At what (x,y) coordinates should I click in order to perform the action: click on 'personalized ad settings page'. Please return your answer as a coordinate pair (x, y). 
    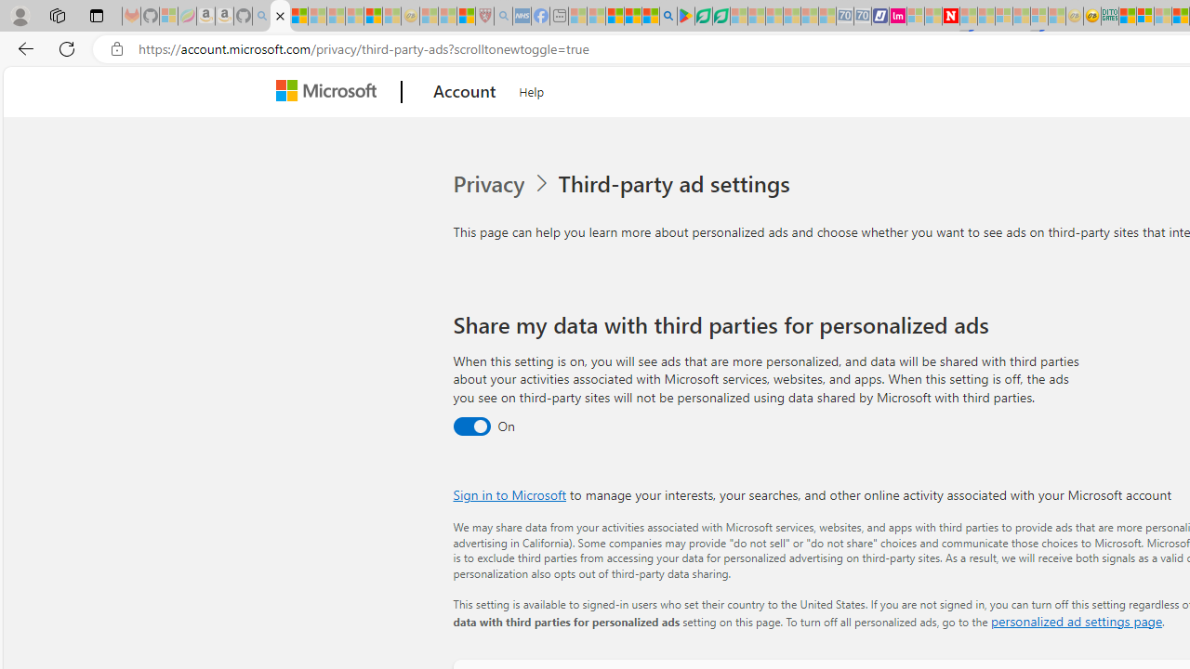
    Looking at the image, I should click on (1076, 621).